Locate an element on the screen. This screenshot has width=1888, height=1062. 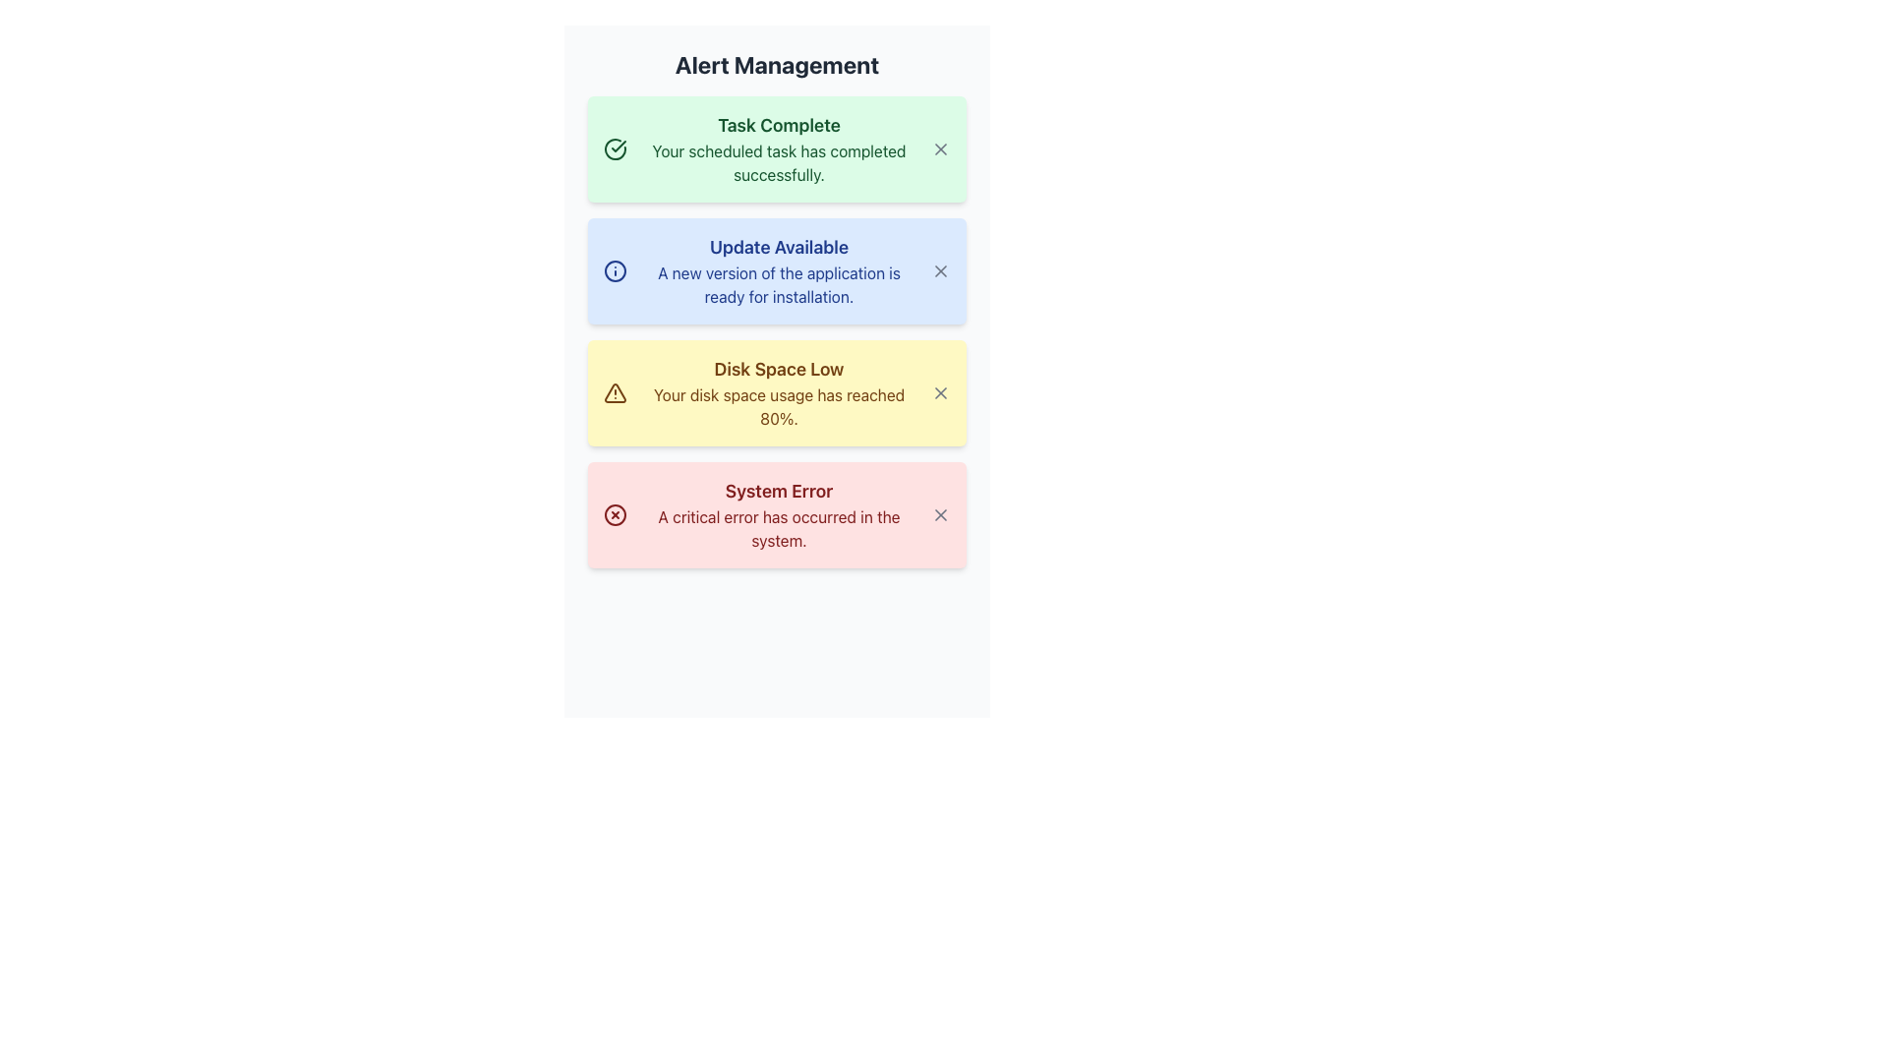
the Warning Icon that indicates a 'Disk Space Low' alert, which is positioned inside the yellow warning message panel near the left side before the text is located at coordinates (614, 393).